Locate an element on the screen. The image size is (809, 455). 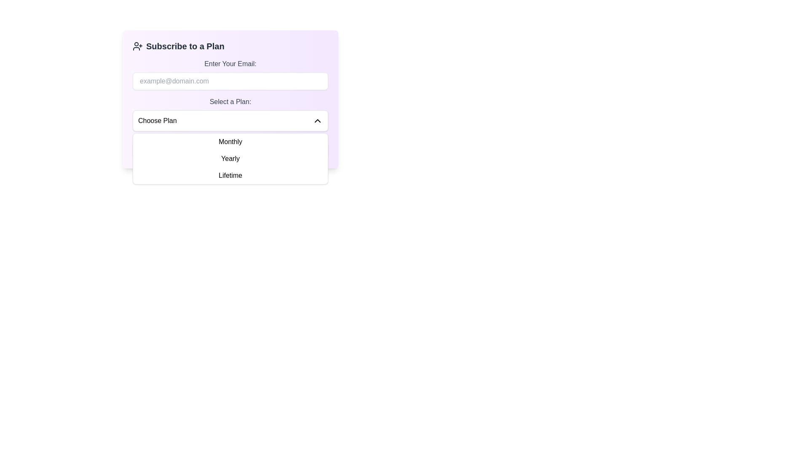
text label that says 'Enter Your Email:' which is positioned beneath the heading 'Subscribe to a Plan' and above the email input field is located at coordinates (230, 63).